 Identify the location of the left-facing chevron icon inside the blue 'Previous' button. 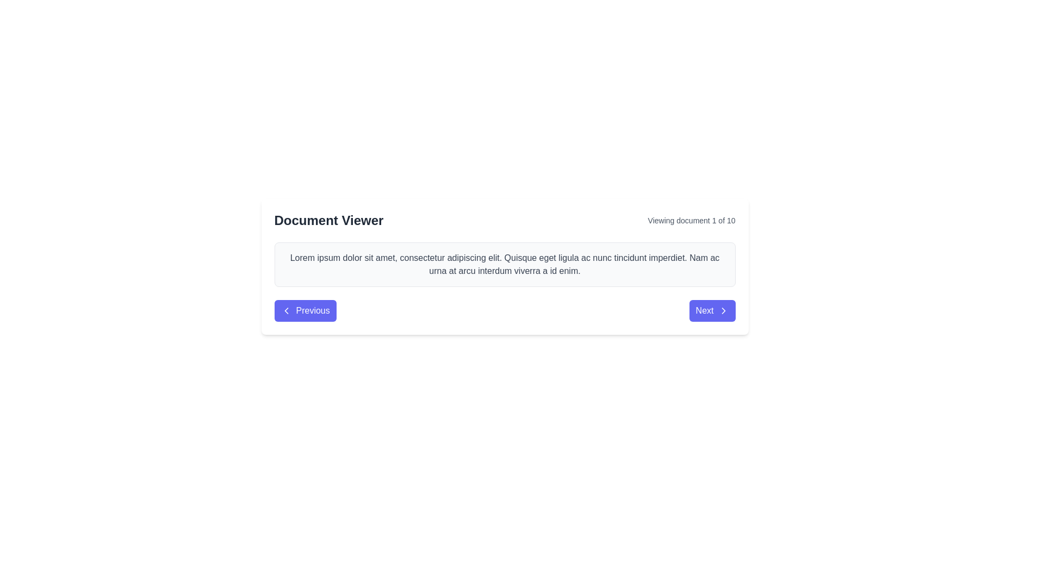
(286, 310).